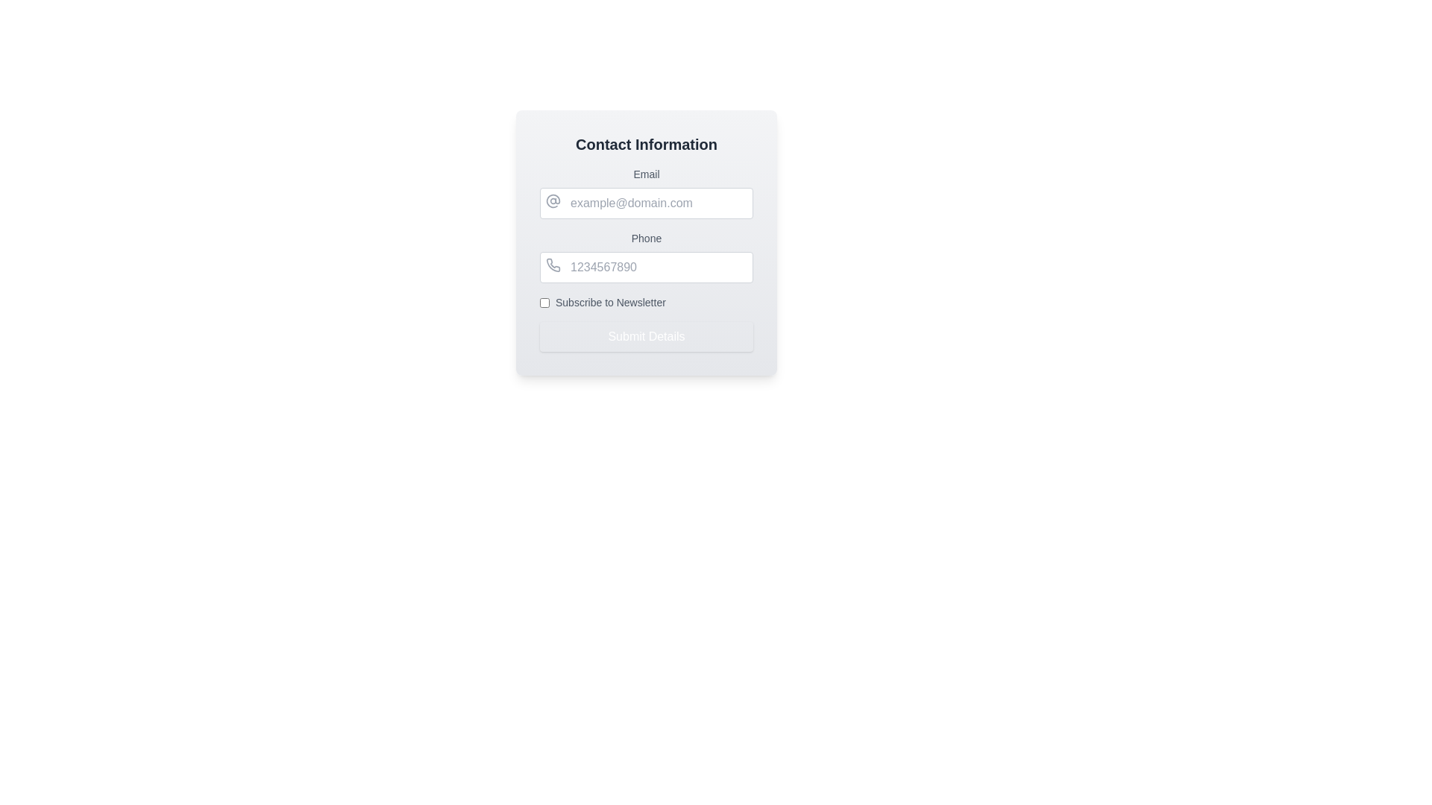 This screenshot has width=1432, height=805. Describe the element at coordinates (553, 264) in the screenshot. I see `the icon that visually communicates the purpose of the adjacent phone input field, located next to the 'Phone' input box` at that location.